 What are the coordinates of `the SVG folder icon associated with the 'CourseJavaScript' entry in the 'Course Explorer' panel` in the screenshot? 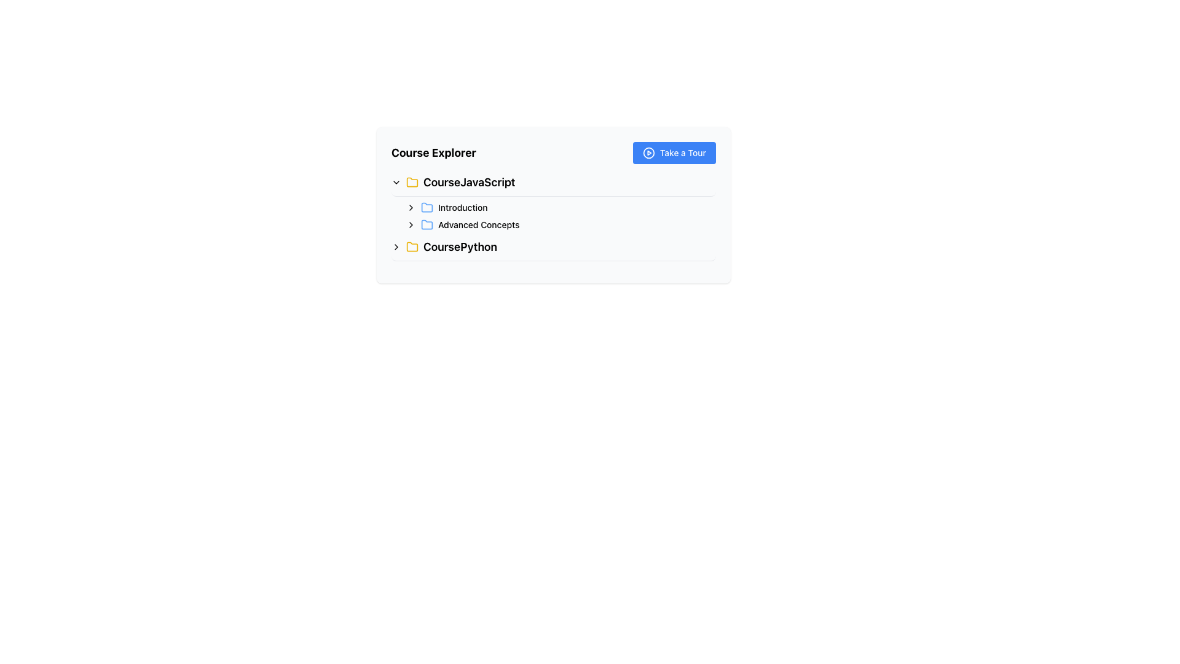 It's located at (412, 182).